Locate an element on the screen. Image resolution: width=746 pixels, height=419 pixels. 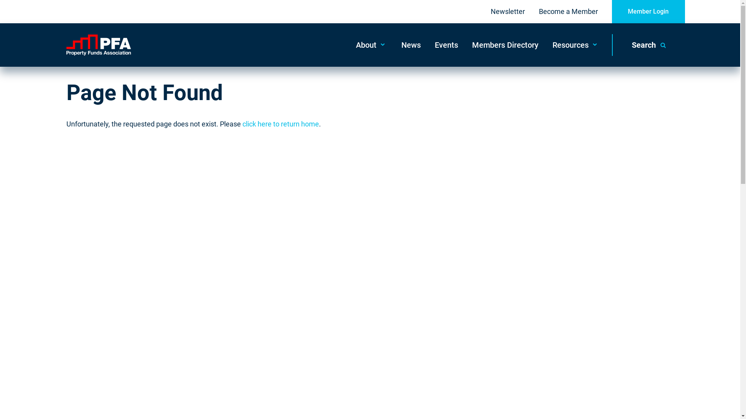
'Search' is located at coordinates (648, 45).